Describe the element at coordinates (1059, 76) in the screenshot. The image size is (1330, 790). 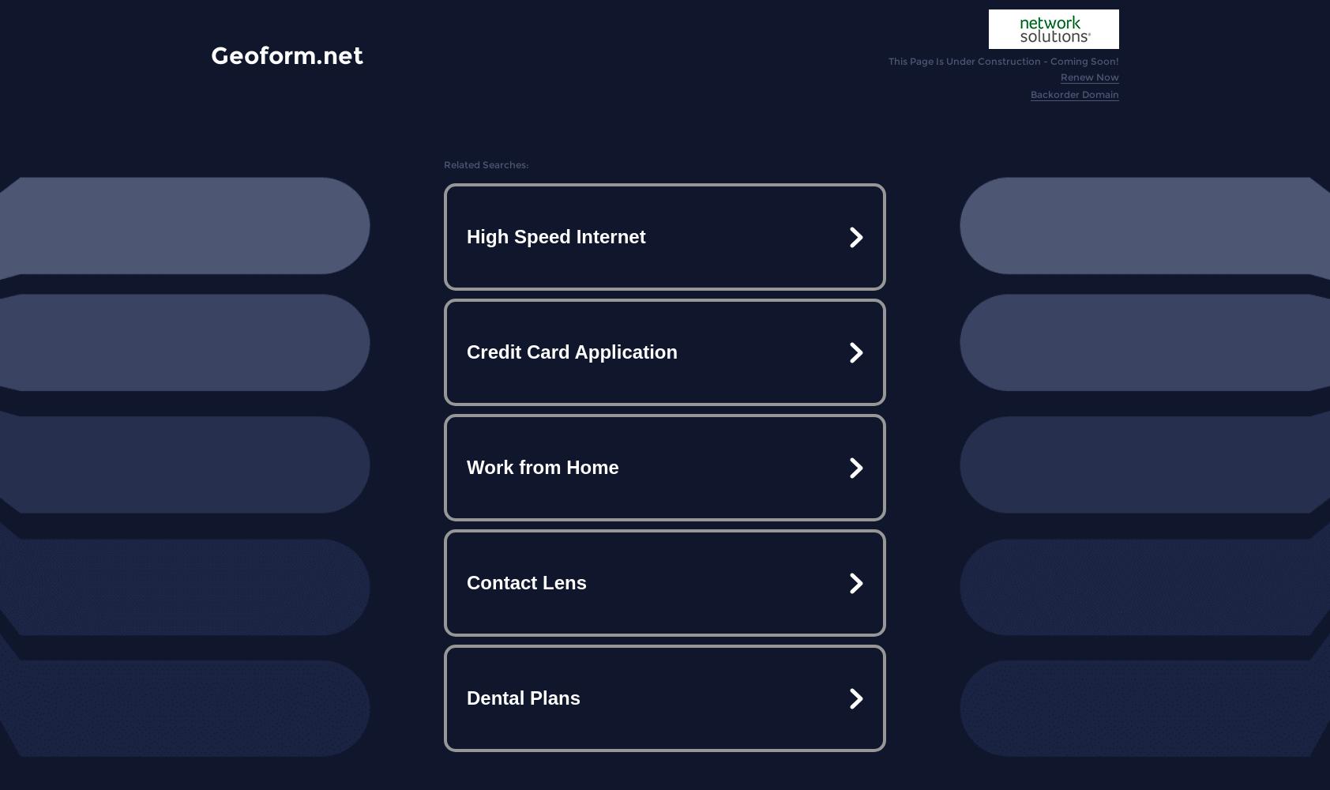
I see `'Renew Now'` at that location.